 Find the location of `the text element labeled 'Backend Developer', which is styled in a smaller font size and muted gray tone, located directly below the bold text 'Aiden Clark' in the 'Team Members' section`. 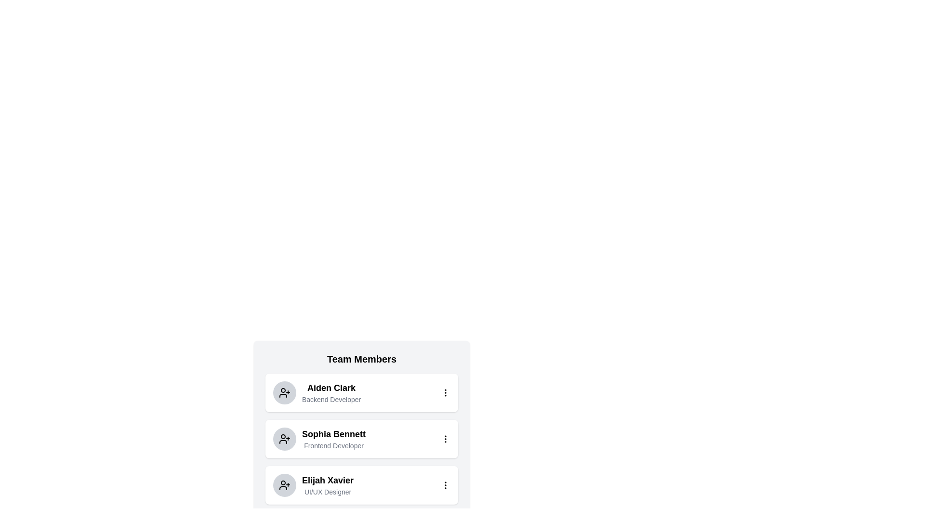

the text element labeled 'Backend Developer', which is styled in a smaller font size and muted gray tone, located directly below the bold text 'Aiden Clark' in the 'Team Members' section is located at coordinates (331, 399).